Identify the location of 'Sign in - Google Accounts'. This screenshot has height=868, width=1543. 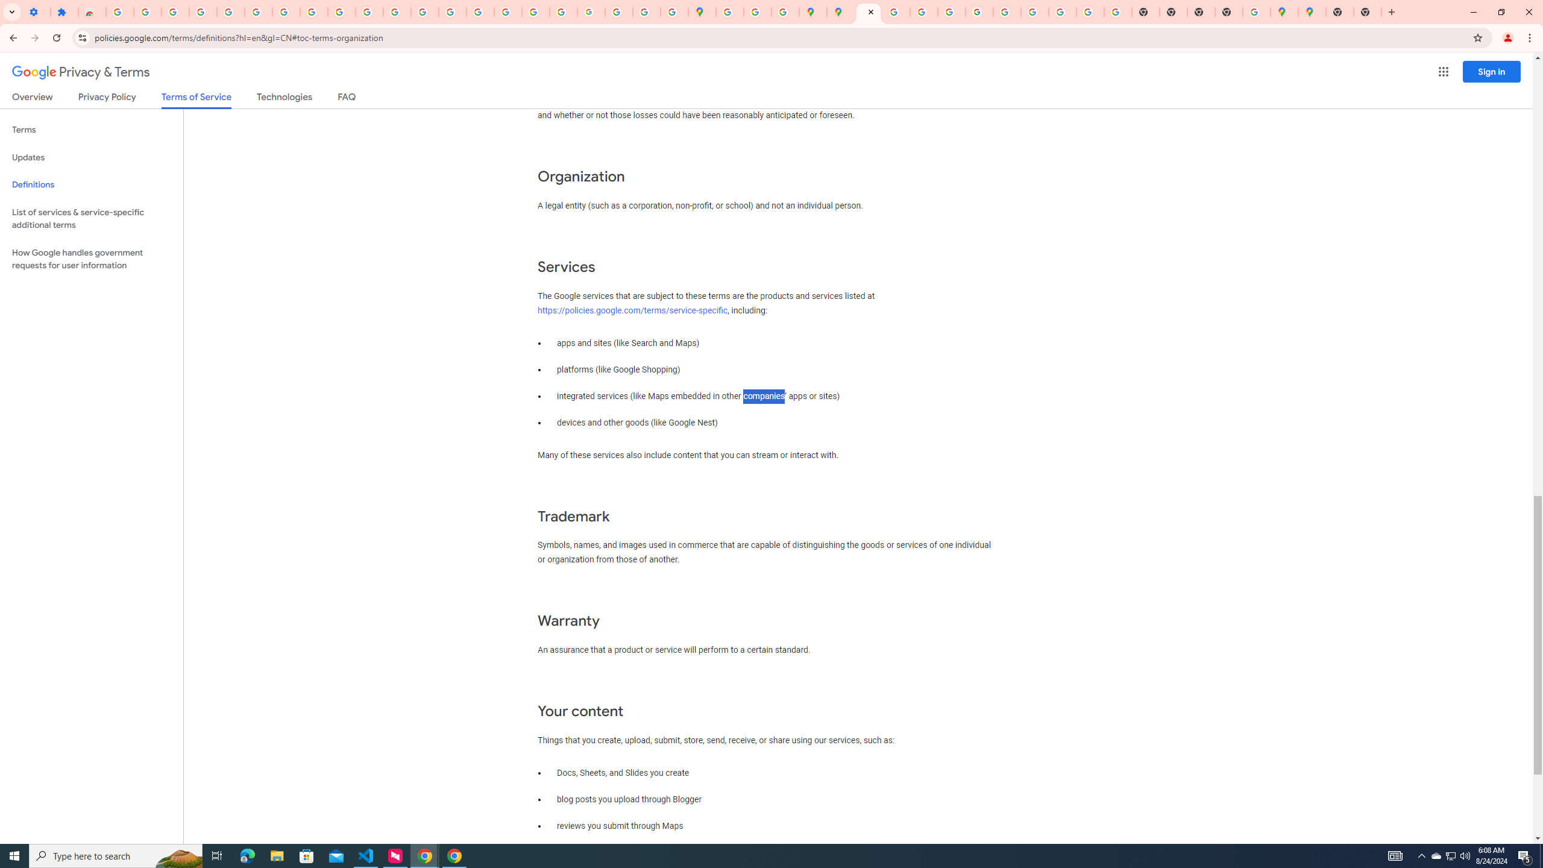
(119, 11).